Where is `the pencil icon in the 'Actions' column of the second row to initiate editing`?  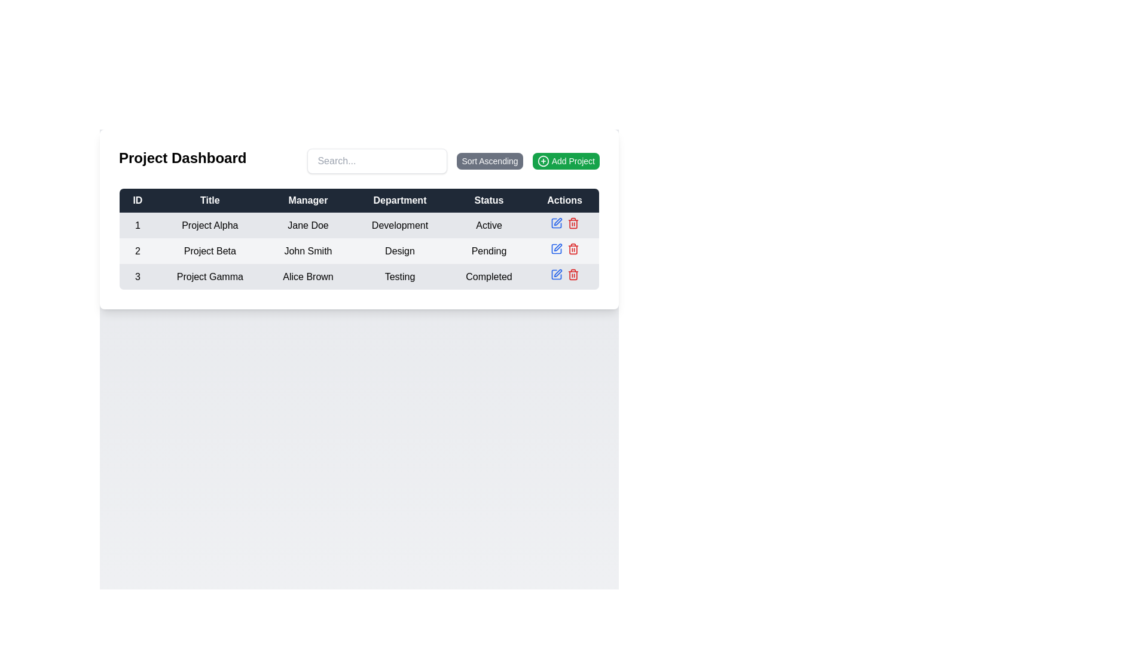 the pencil icon in the 'Actions' column of the second row to initiate editing is located at coordinates (557, 222).